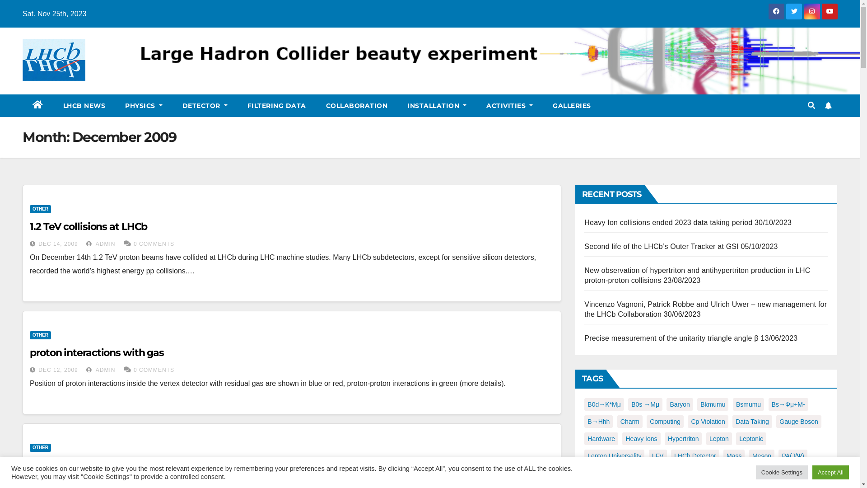 This screenshot has width=867, height=488. What do you see at coordinates (718, 438) in the screenshot?
I see `'Lepton'` at bounding box center [718, 438].